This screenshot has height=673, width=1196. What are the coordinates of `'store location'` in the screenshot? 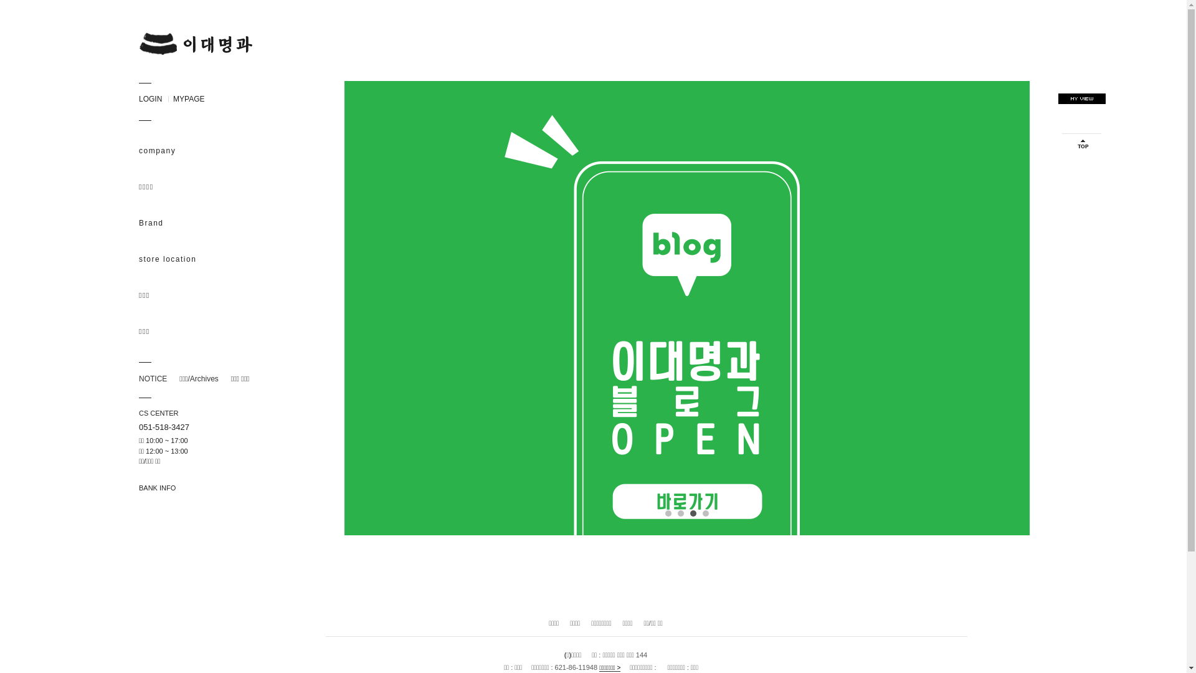 It's located at (207, 259).